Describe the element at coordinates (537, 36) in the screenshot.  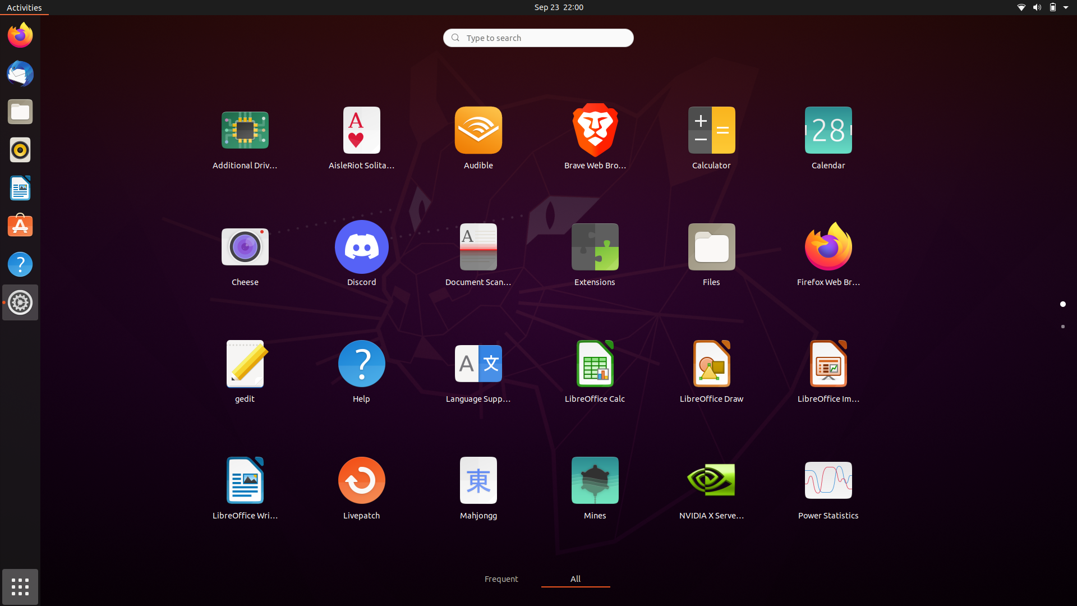
I see `Locate "Google" on your computer` at that location.